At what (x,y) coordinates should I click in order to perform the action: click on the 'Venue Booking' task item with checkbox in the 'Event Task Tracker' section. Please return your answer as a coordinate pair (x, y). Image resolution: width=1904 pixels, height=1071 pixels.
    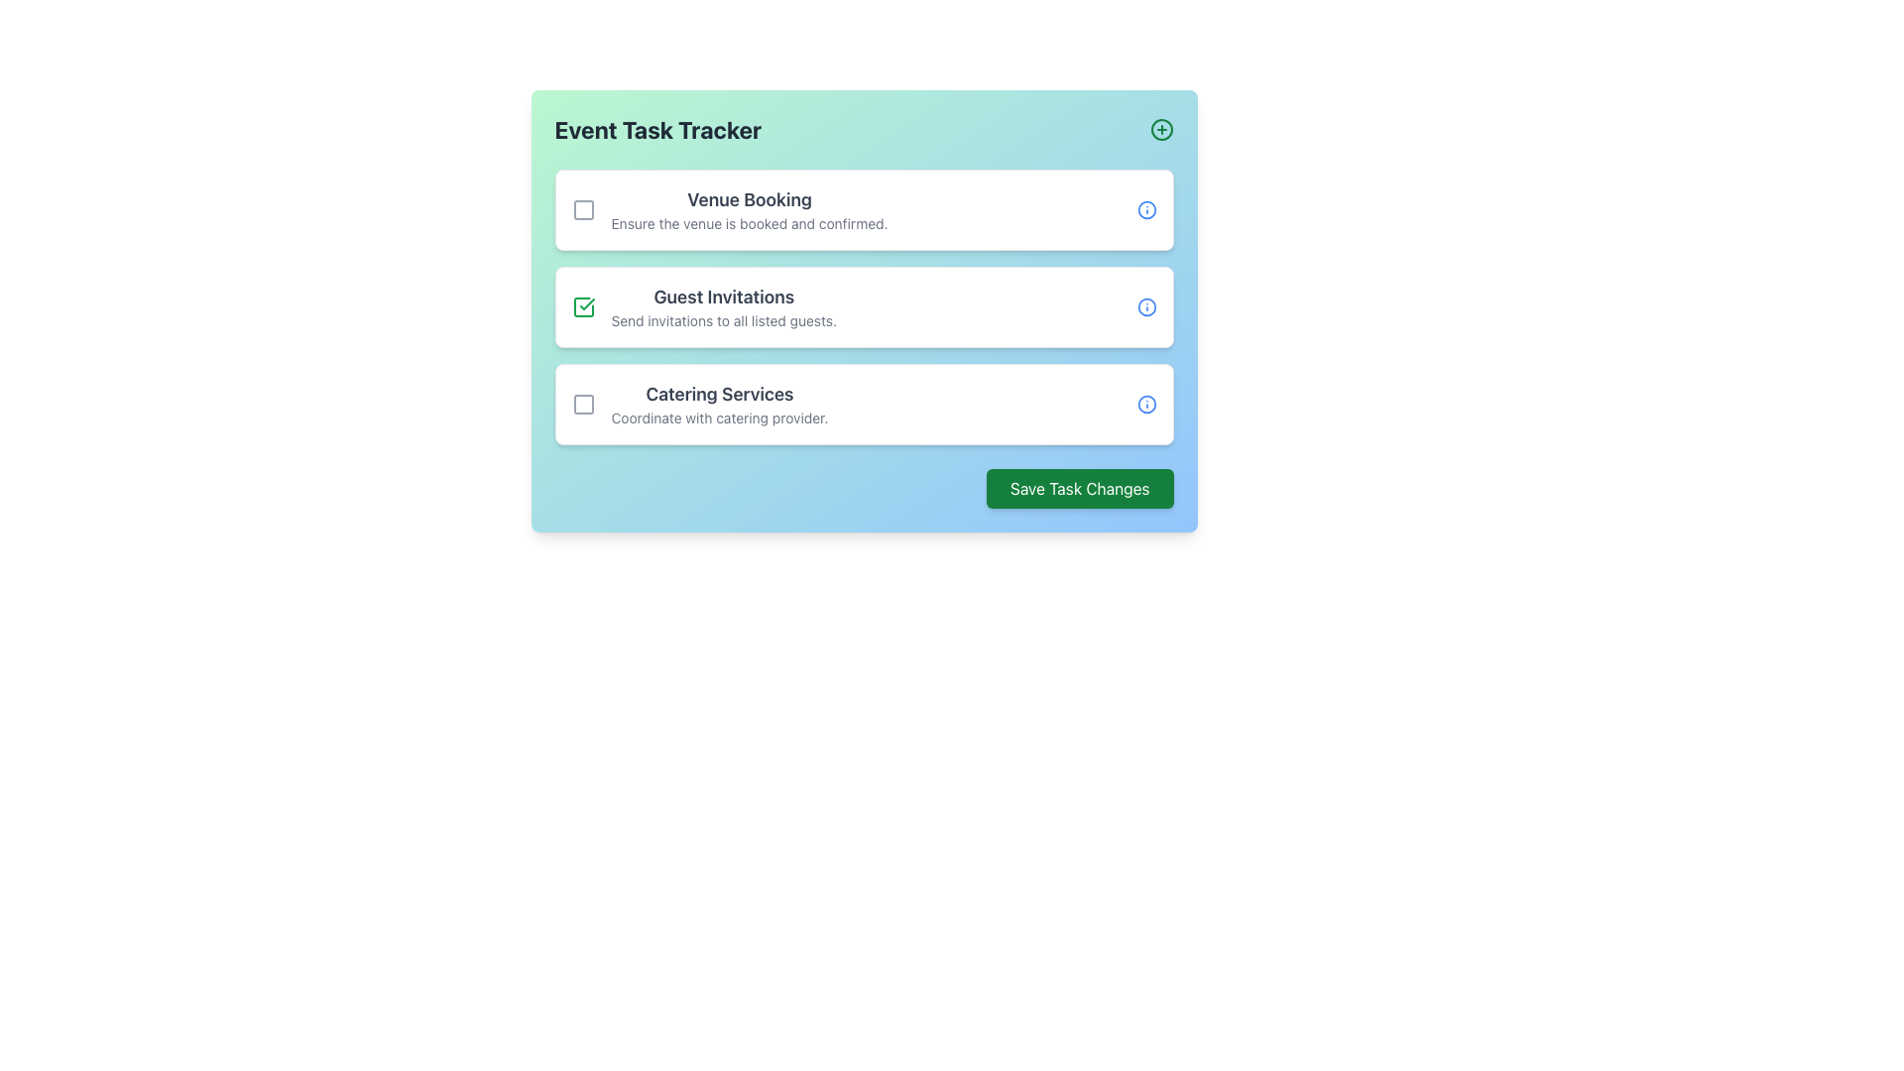
    Looking at the image, I should click on (728, 210).